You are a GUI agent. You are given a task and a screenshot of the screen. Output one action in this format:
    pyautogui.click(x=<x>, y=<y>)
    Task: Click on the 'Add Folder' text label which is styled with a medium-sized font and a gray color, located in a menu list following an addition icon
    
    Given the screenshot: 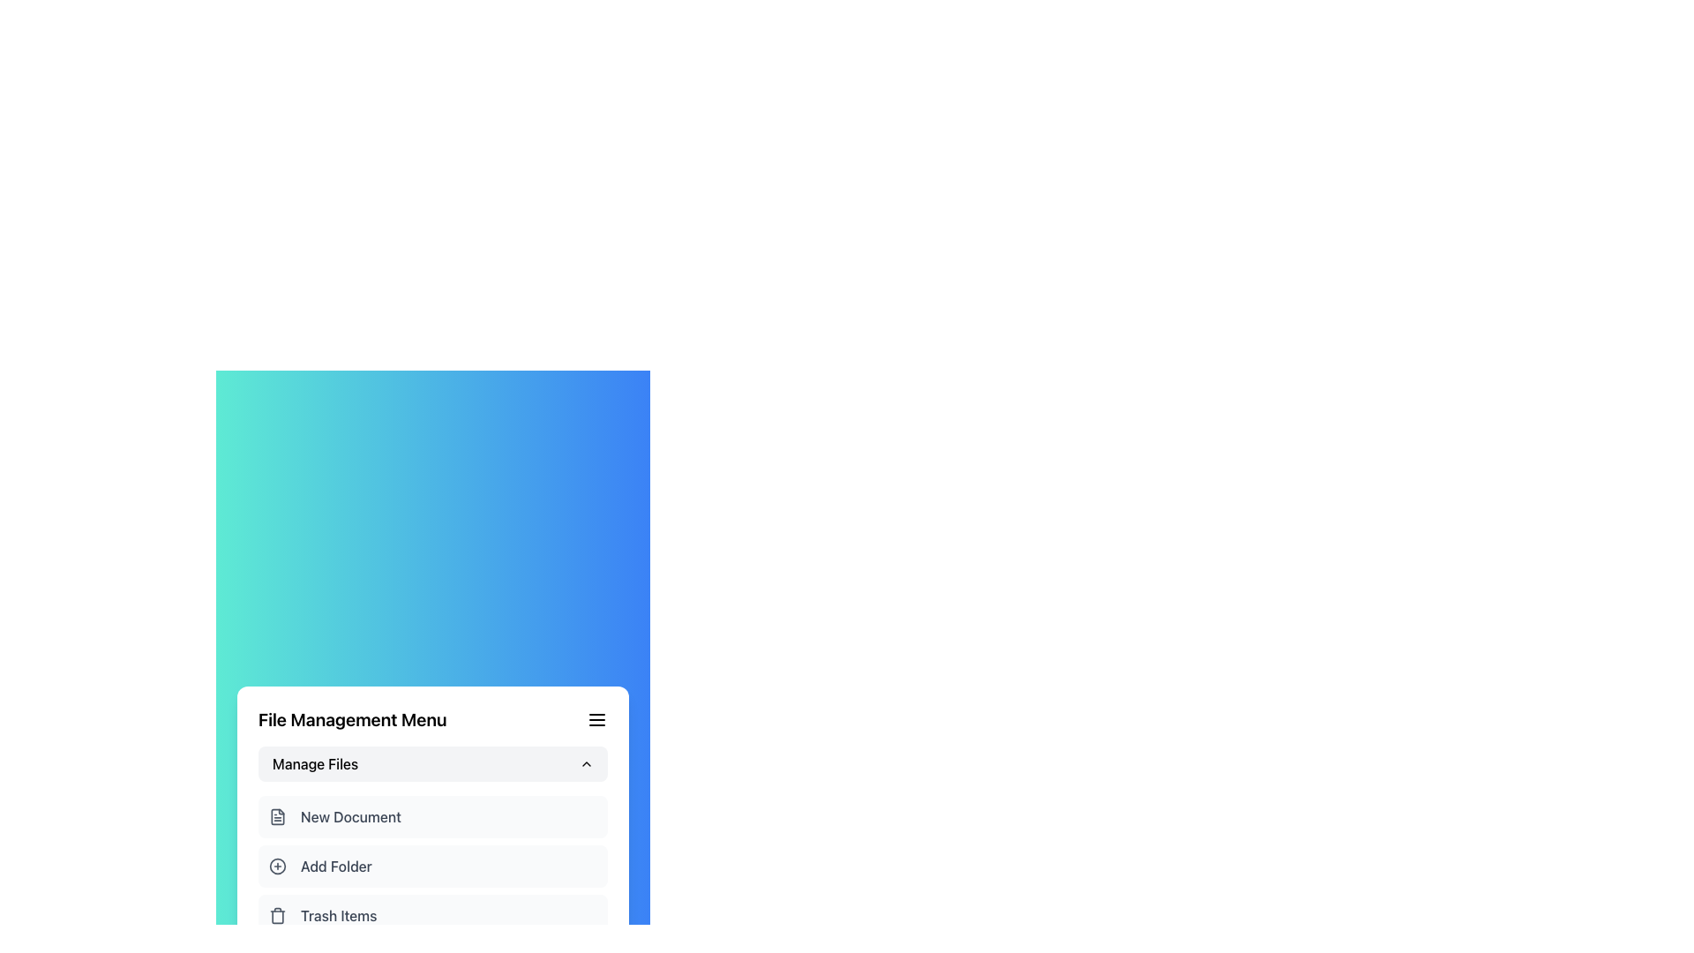 What is the action you would take?
    pyautogui.click(x=336, y=866)
    